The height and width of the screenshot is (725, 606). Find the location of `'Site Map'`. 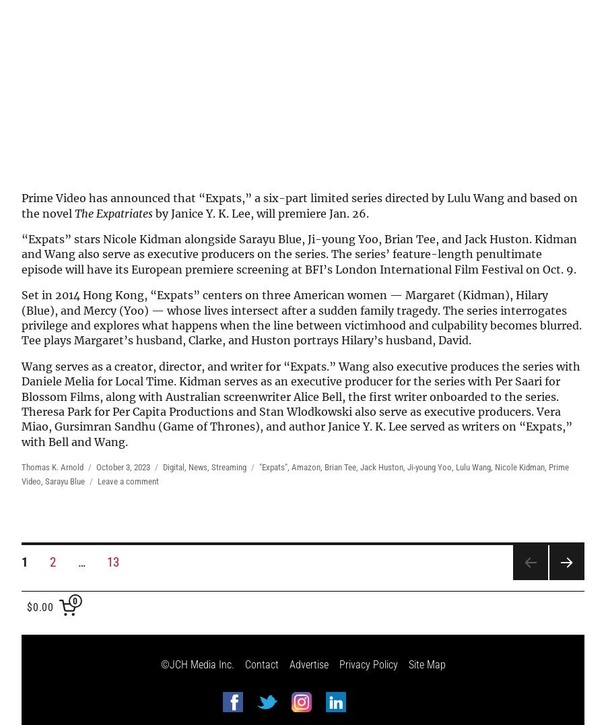

'Site Map' is located at coordinates (426, 664).